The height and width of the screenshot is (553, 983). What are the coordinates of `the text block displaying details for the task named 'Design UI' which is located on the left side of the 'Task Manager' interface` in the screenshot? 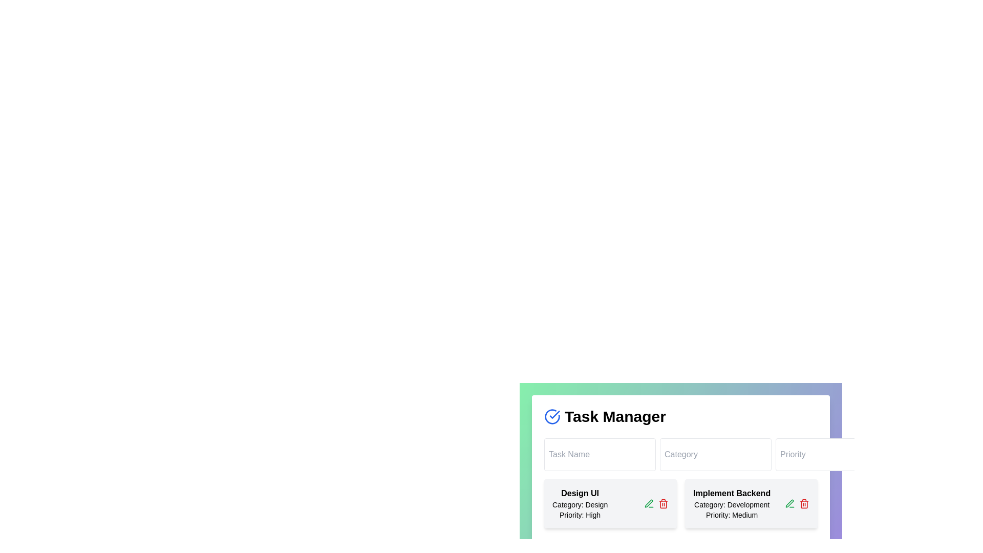 It's located at (580, 503).